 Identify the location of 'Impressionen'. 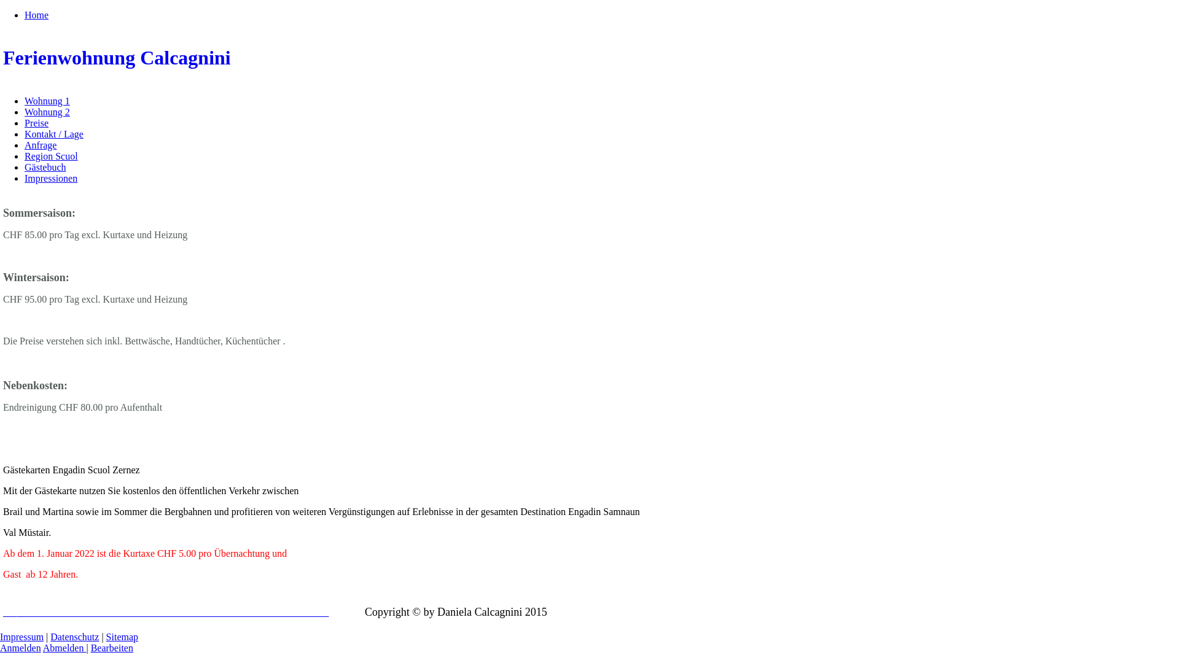
(50, 178).